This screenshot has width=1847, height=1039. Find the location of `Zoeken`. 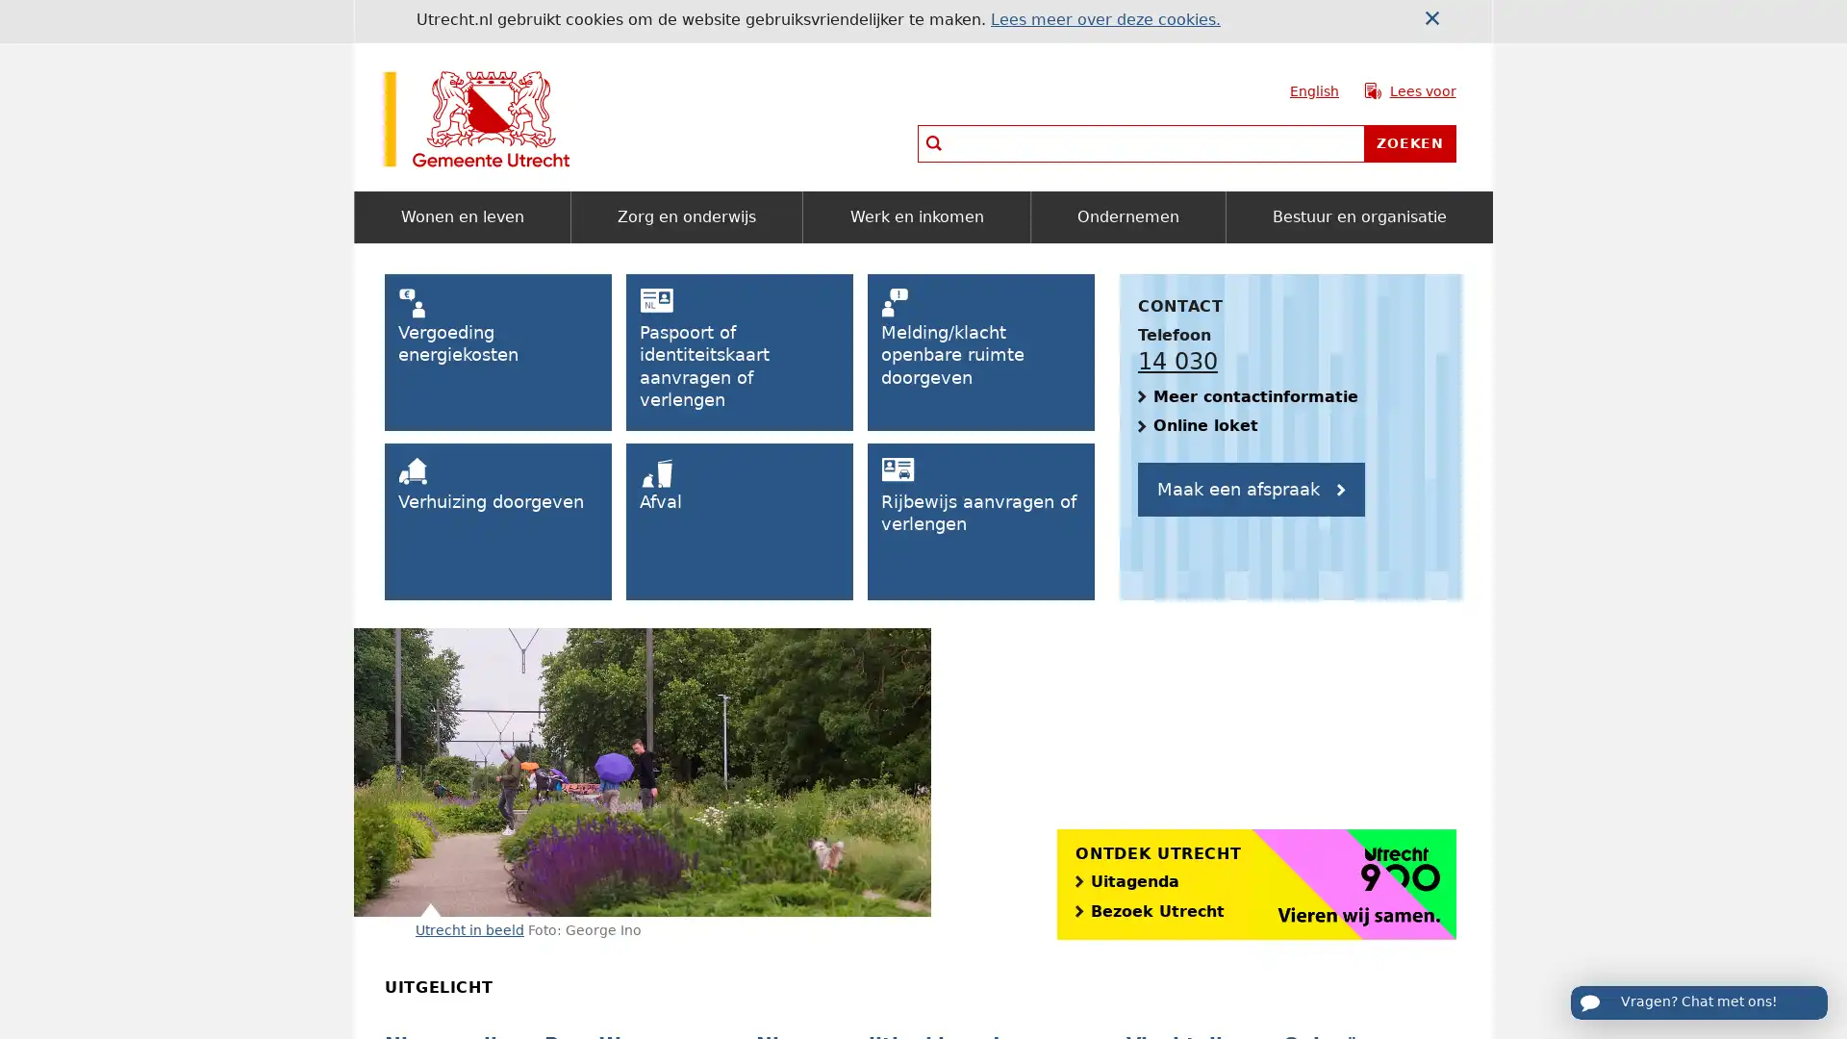

Zoeken is located at coordinates (1409, 142).